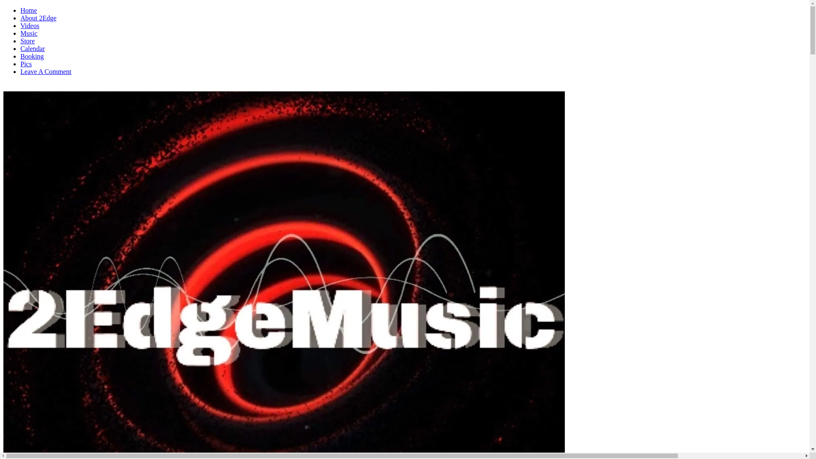 This screenshot has width=816, height=459. What do you see at coordinates (28, 33) in the screenshot?
I see `'Music'` at bounding box center [28, 33].